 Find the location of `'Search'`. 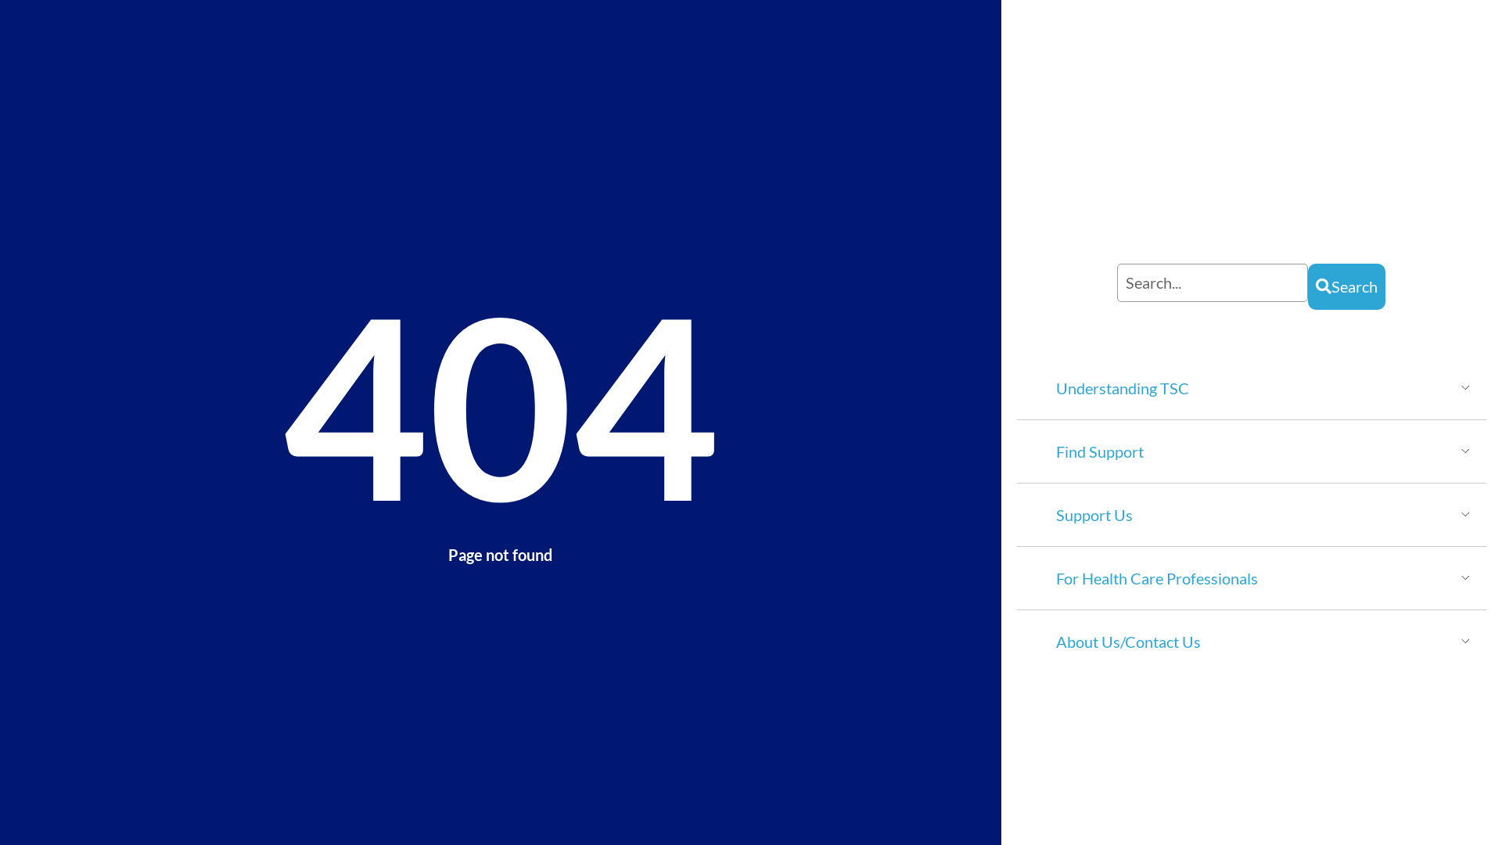

'Search' is located at coordinates (1346, 286).